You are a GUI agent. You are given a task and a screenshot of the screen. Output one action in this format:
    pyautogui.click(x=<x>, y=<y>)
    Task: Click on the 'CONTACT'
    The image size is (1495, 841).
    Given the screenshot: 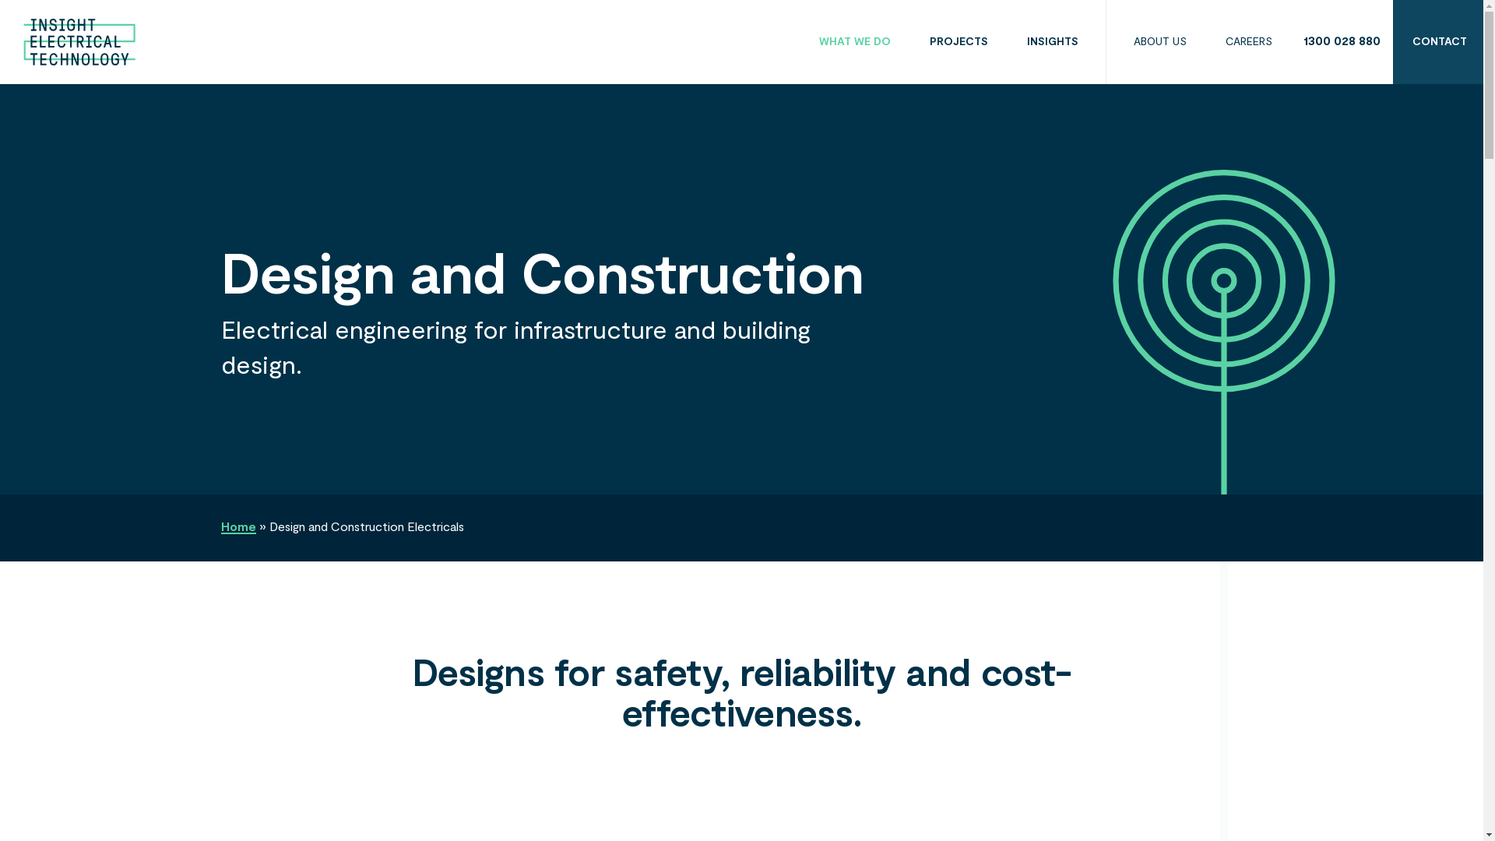 What is the action you would take?
    pyautogui.click(x=1438, y=41)
    